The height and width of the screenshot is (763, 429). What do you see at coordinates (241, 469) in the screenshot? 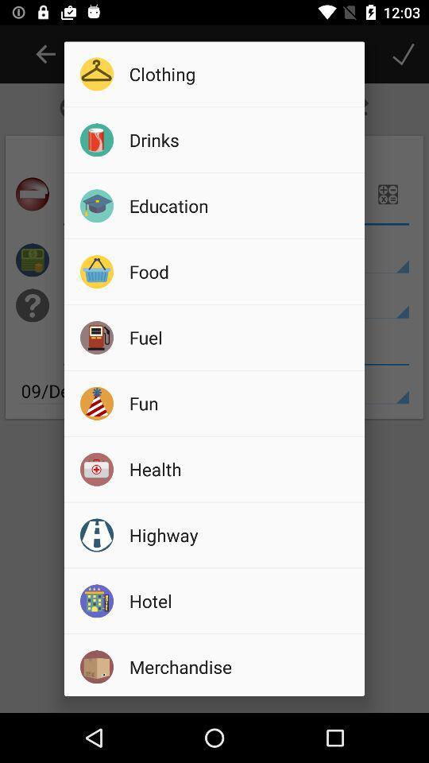
I see `icon above highway icon` at bounding box center [241, 469].